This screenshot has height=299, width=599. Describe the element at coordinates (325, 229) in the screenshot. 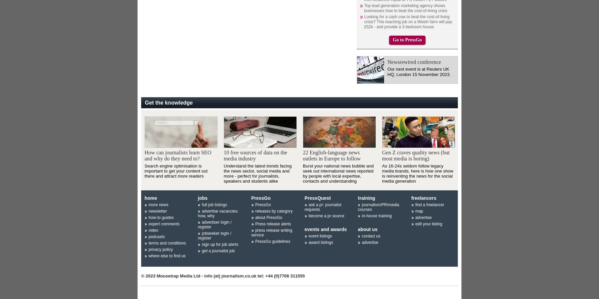

I see `'events and awards'` at that location.